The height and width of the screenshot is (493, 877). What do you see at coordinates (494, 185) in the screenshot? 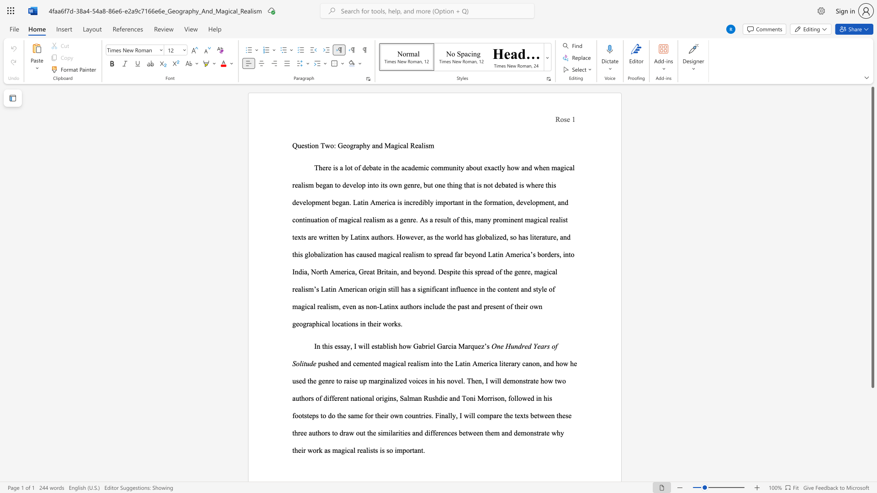
I see `the subset text "debated is where this development began. Latin America is incredibly importa" within the text "There is a lot of debate in the academic community about exactly how and when magical realism began to develop into its own genre, but one thing that is not debated is where this development began. Latin America is incredibly important in the formation, development, and continuation of magical realism as a genre. As a result of this, many prominent magical realist texts are written by Latinx authors. However, as the world has globalized, so has literature, and this globalization has caused magical realism t"` at bounding box center [494, 185].